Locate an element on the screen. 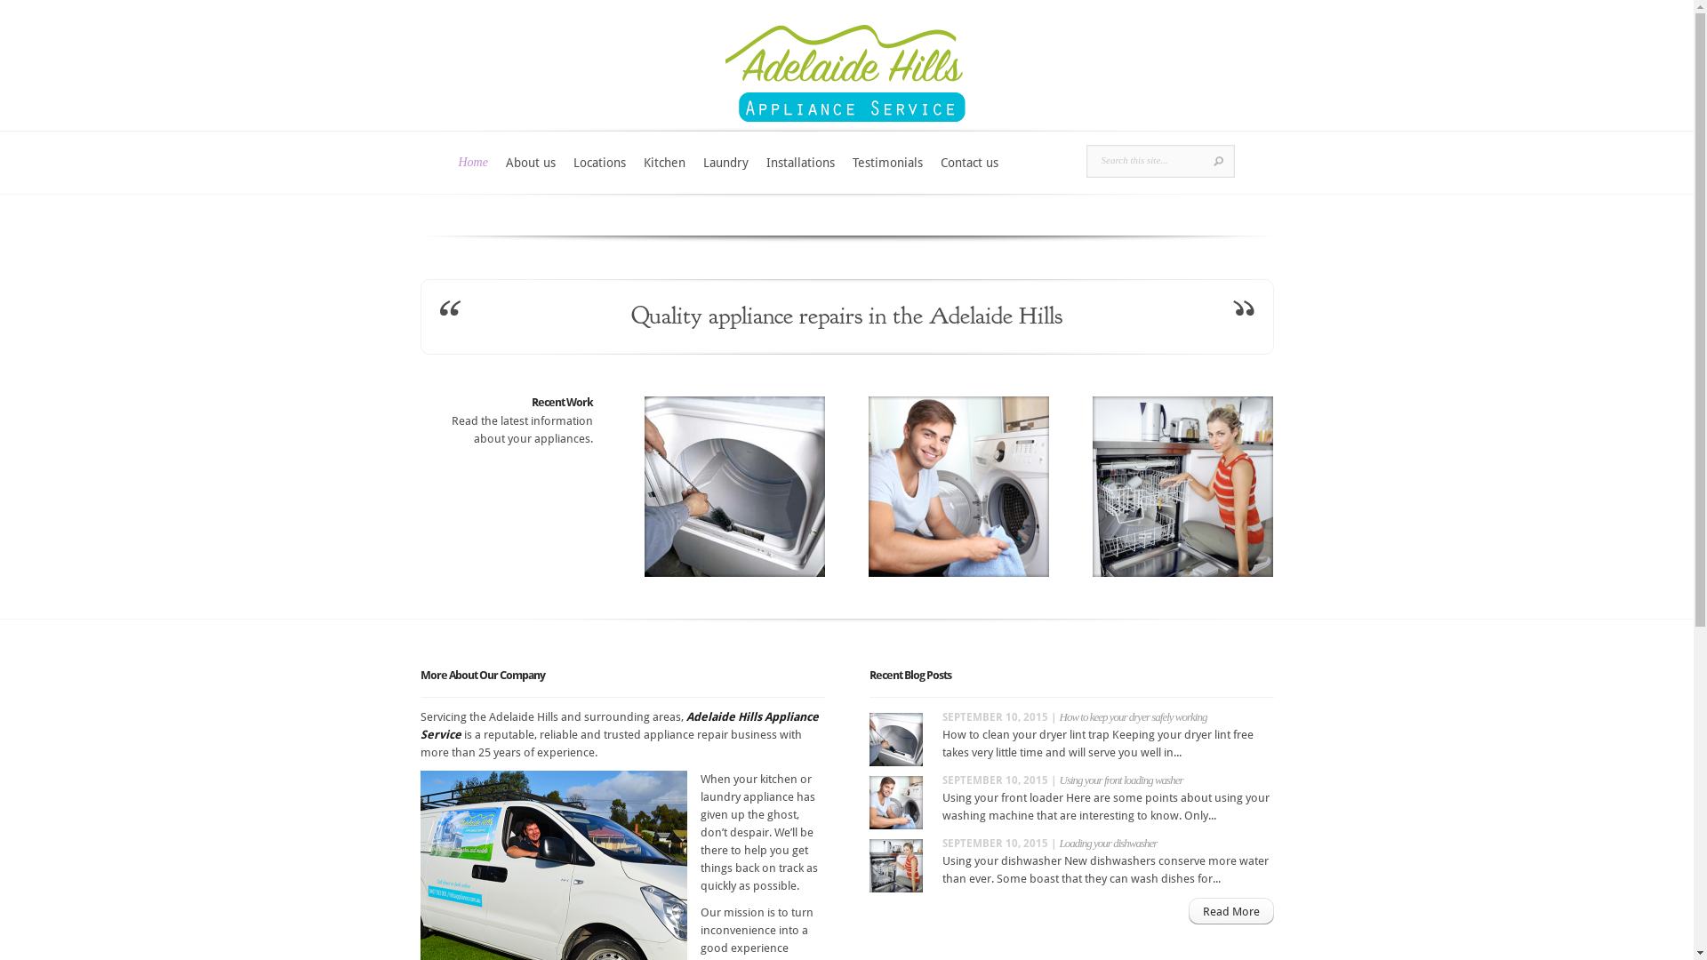  'Kitchen' is located at coordinates (663, 173).